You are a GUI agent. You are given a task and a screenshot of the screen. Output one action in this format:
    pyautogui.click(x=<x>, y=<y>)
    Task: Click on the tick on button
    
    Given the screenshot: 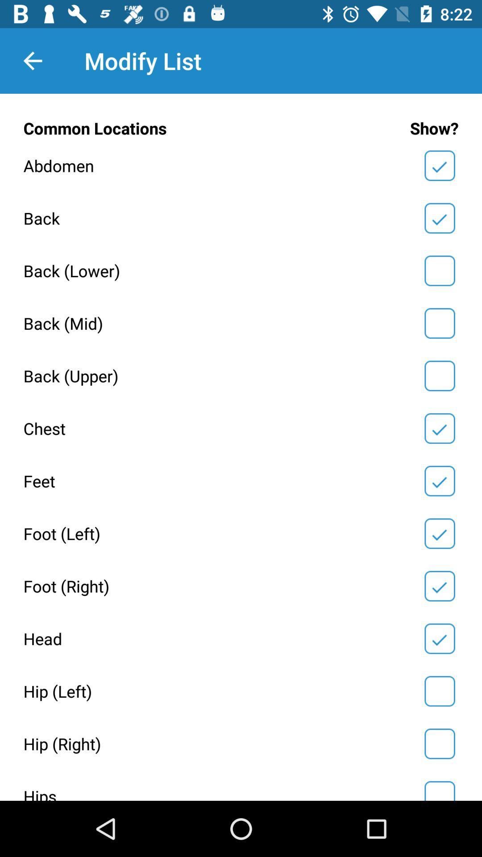 What is the action you would take?
    pyautogui.click(x=439, y=789)
    